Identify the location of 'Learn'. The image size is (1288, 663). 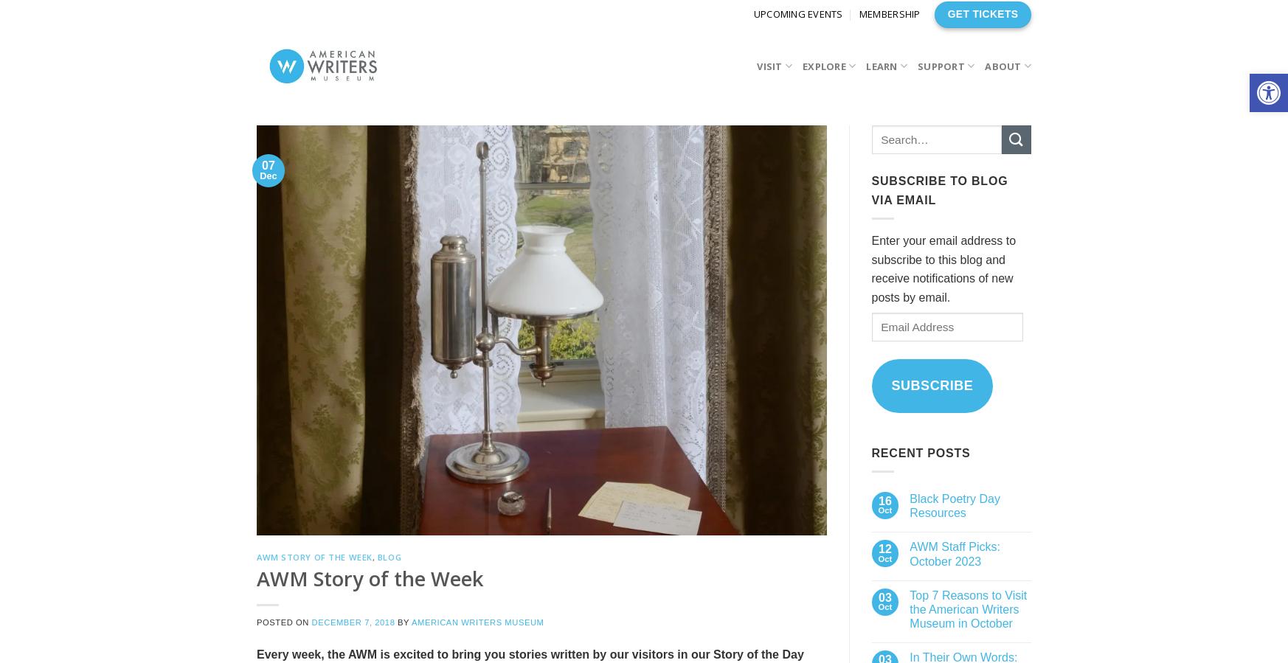
(881, 65).